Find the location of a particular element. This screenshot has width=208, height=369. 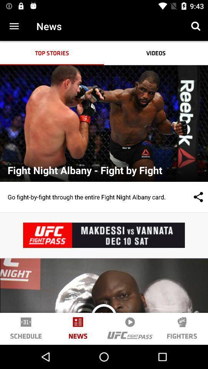

icon to the right of news is located at coordinates (196, 26).